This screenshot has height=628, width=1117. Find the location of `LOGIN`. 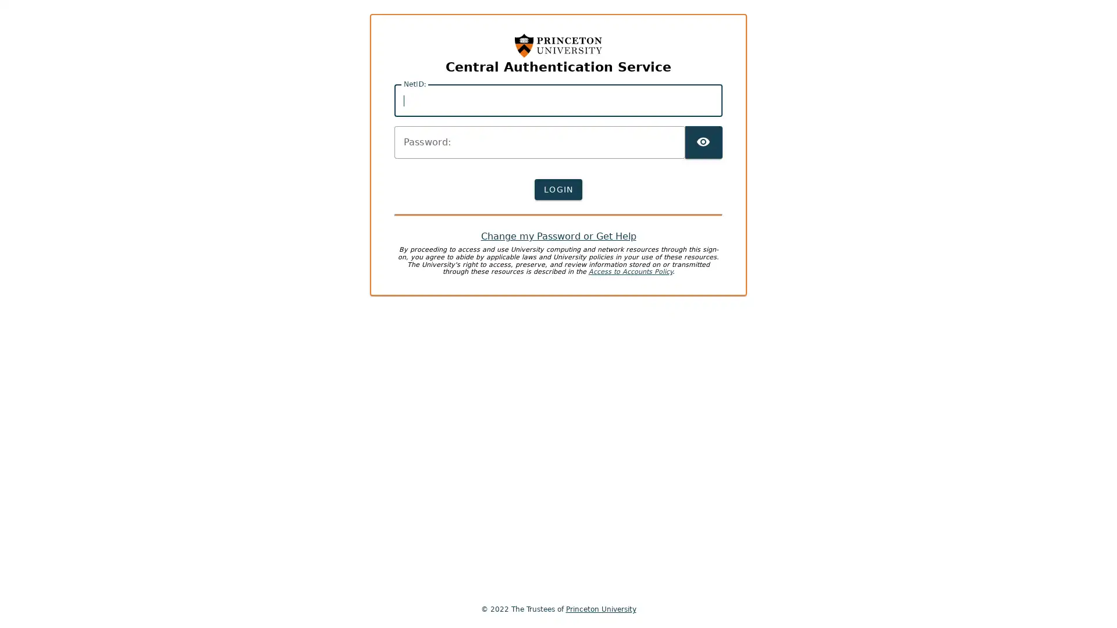

LOGIN is located at coordinates (557, 188).